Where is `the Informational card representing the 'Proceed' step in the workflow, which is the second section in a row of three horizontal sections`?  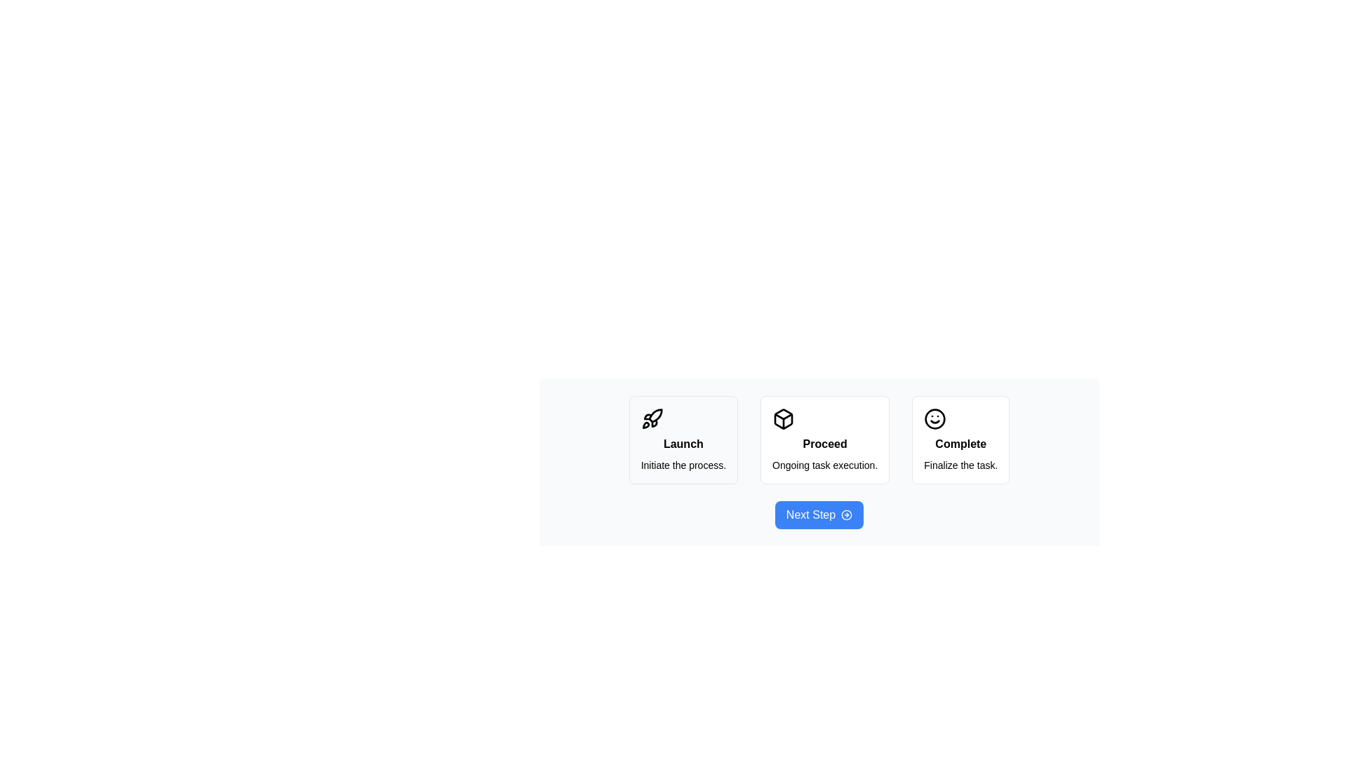
the Informational card representing the 'Proceed' step in the workflow, which is the second section in a row of three horizontal sections is located at coordinates (819, 439).